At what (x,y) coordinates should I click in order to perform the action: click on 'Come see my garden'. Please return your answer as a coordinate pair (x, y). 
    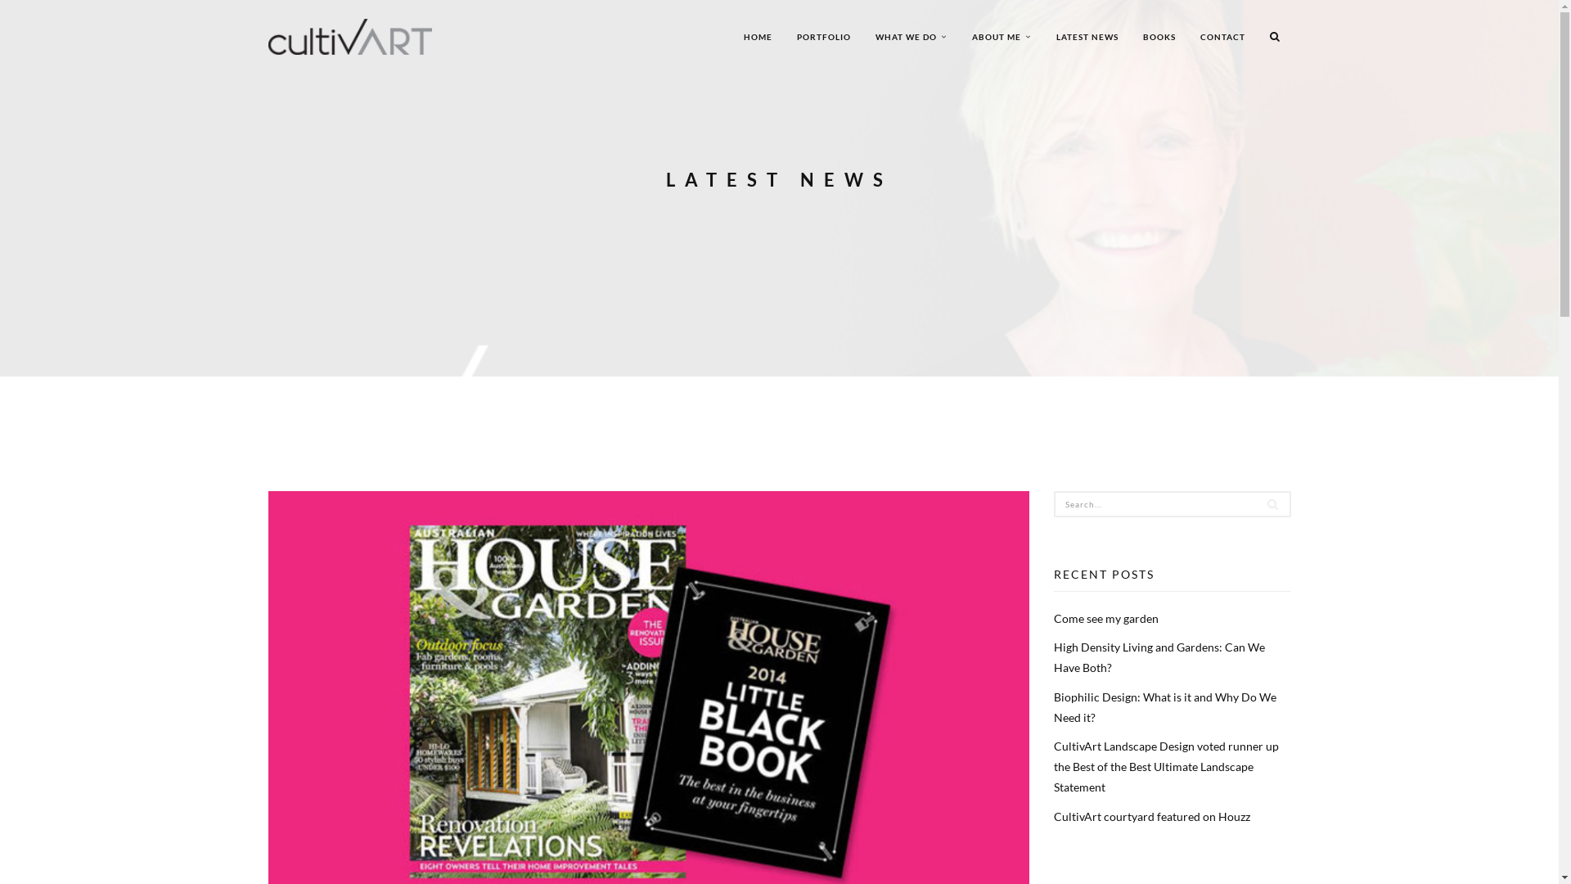
    Looking at the image, I should click on (1106, 618).